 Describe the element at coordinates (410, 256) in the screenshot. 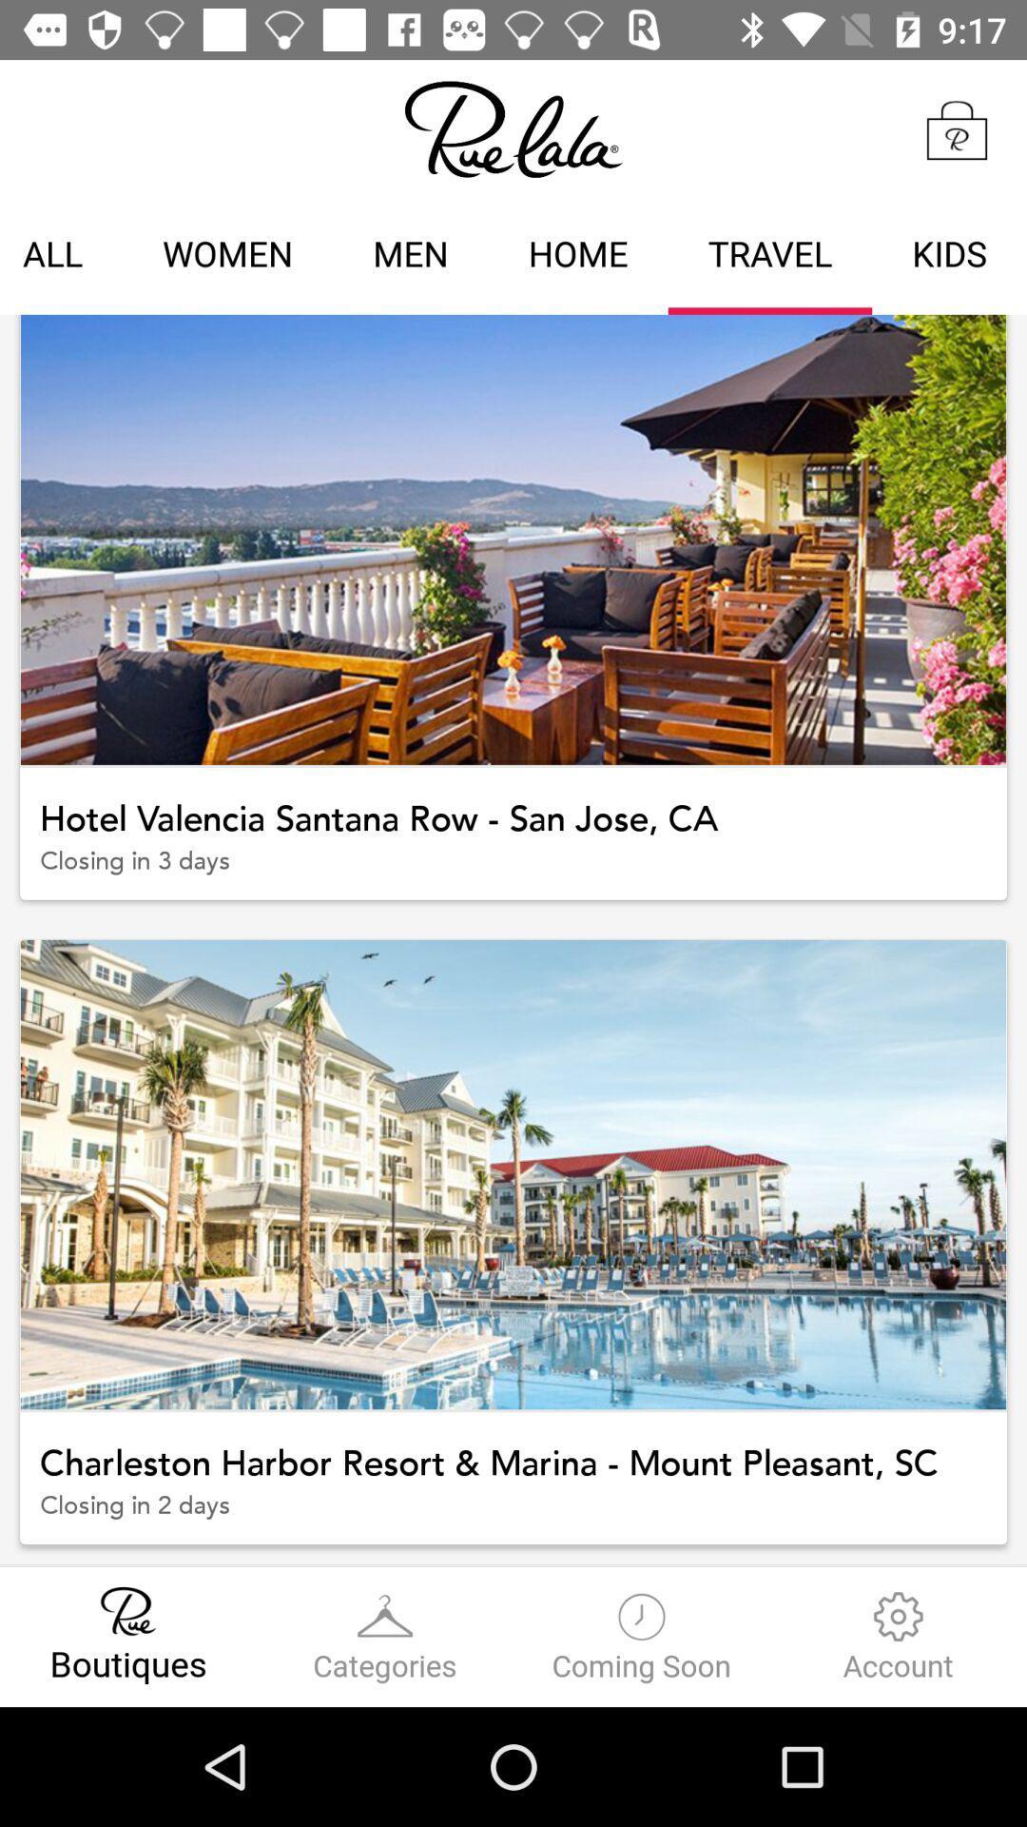

I see `the men icon` at that location.